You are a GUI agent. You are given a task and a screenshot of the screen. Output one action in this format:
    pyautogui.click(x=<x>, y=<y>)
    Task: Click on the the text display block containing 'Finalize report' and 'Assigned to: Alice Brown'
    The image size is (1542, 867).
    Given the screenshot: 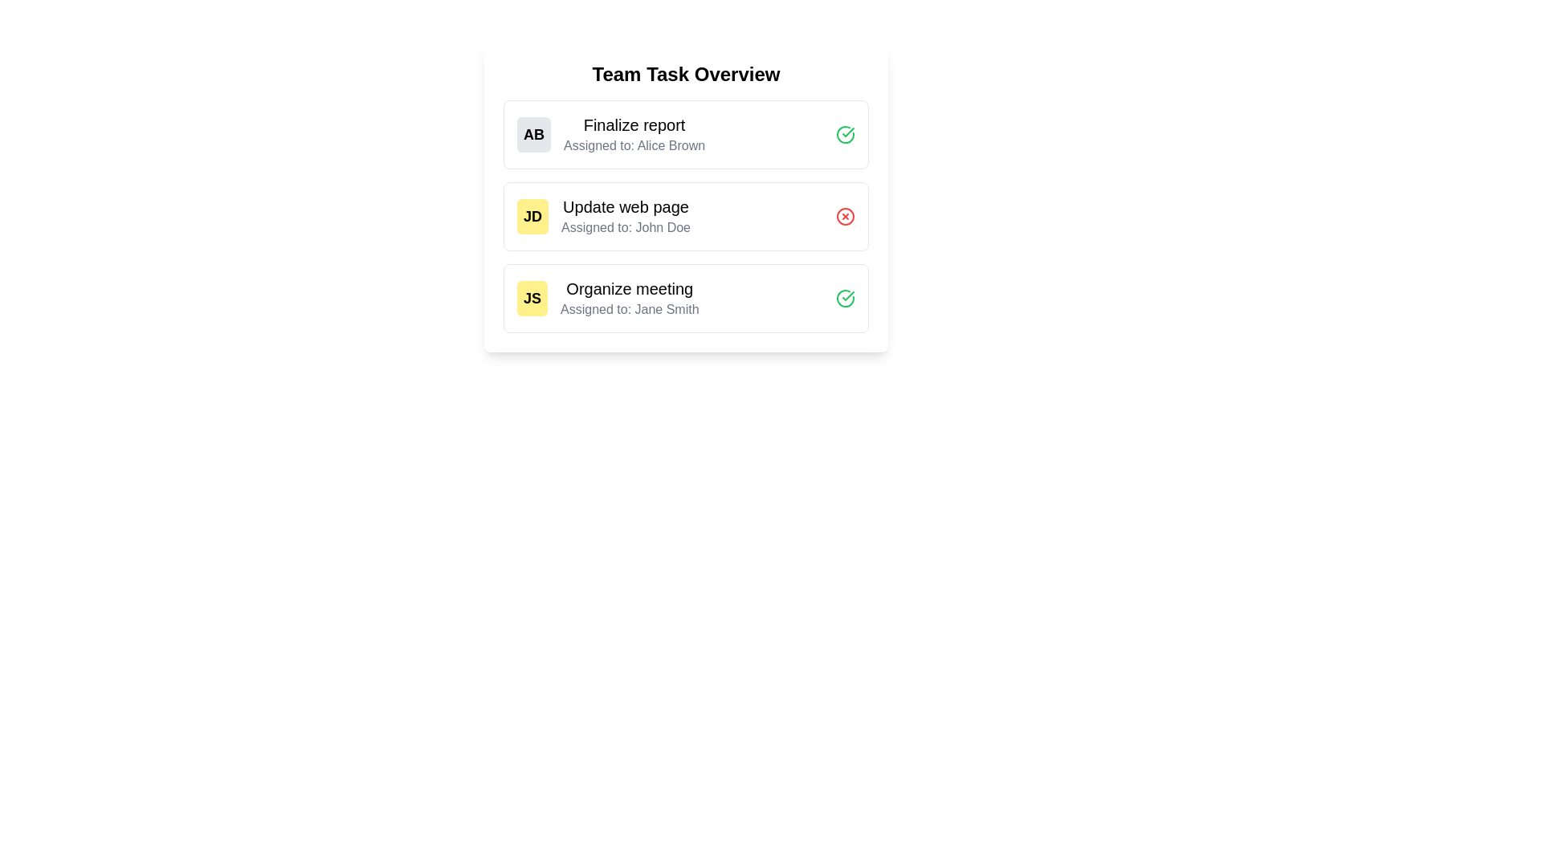 What is the action you would take?
    pyautogui.click(x=634, y=134)
    